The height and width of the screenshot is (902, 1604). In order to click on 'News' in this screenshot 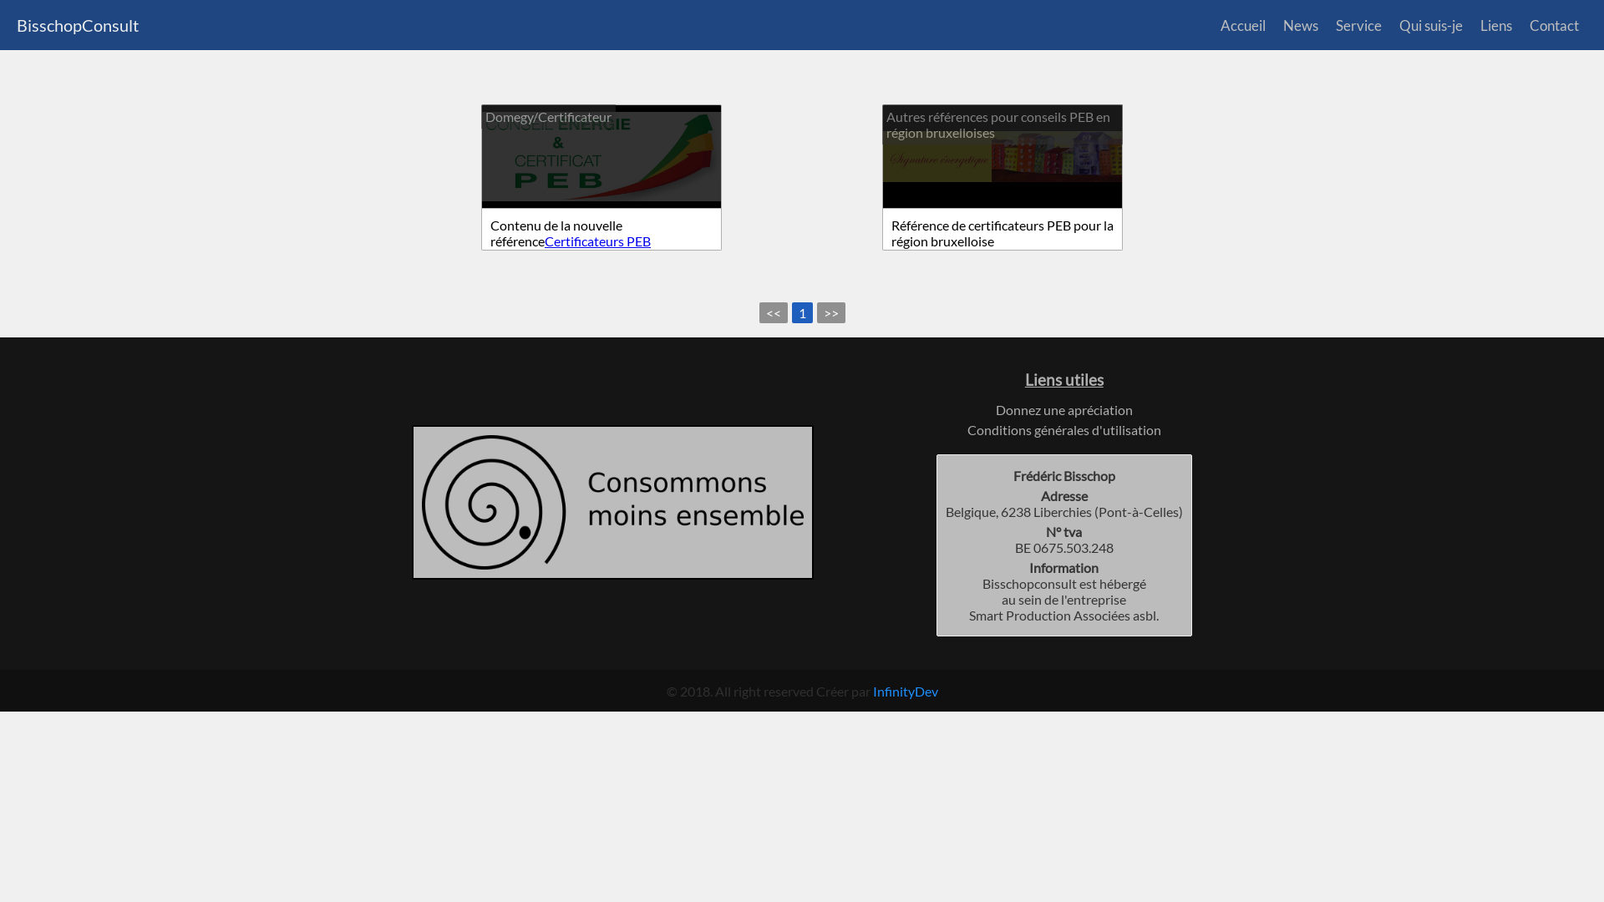, I will do `click(1299, 25)`.